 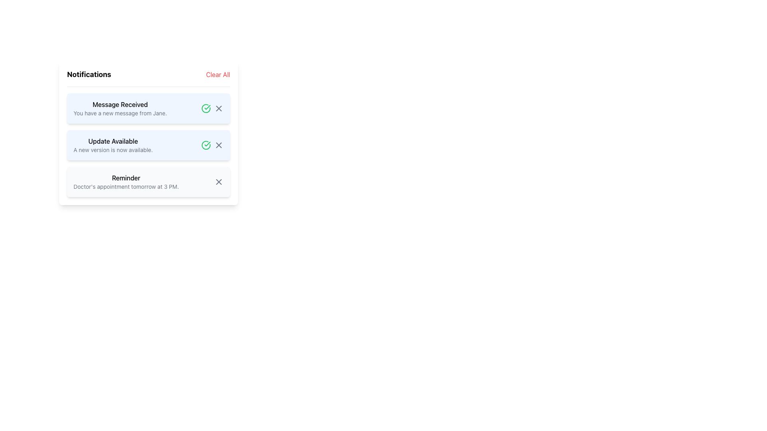 What do you see at coordinates (219, 145) in the screenshot?
I see `the close button in the upper-right corner of the 'Update Available' notification card` at bounding box center [219, 145].